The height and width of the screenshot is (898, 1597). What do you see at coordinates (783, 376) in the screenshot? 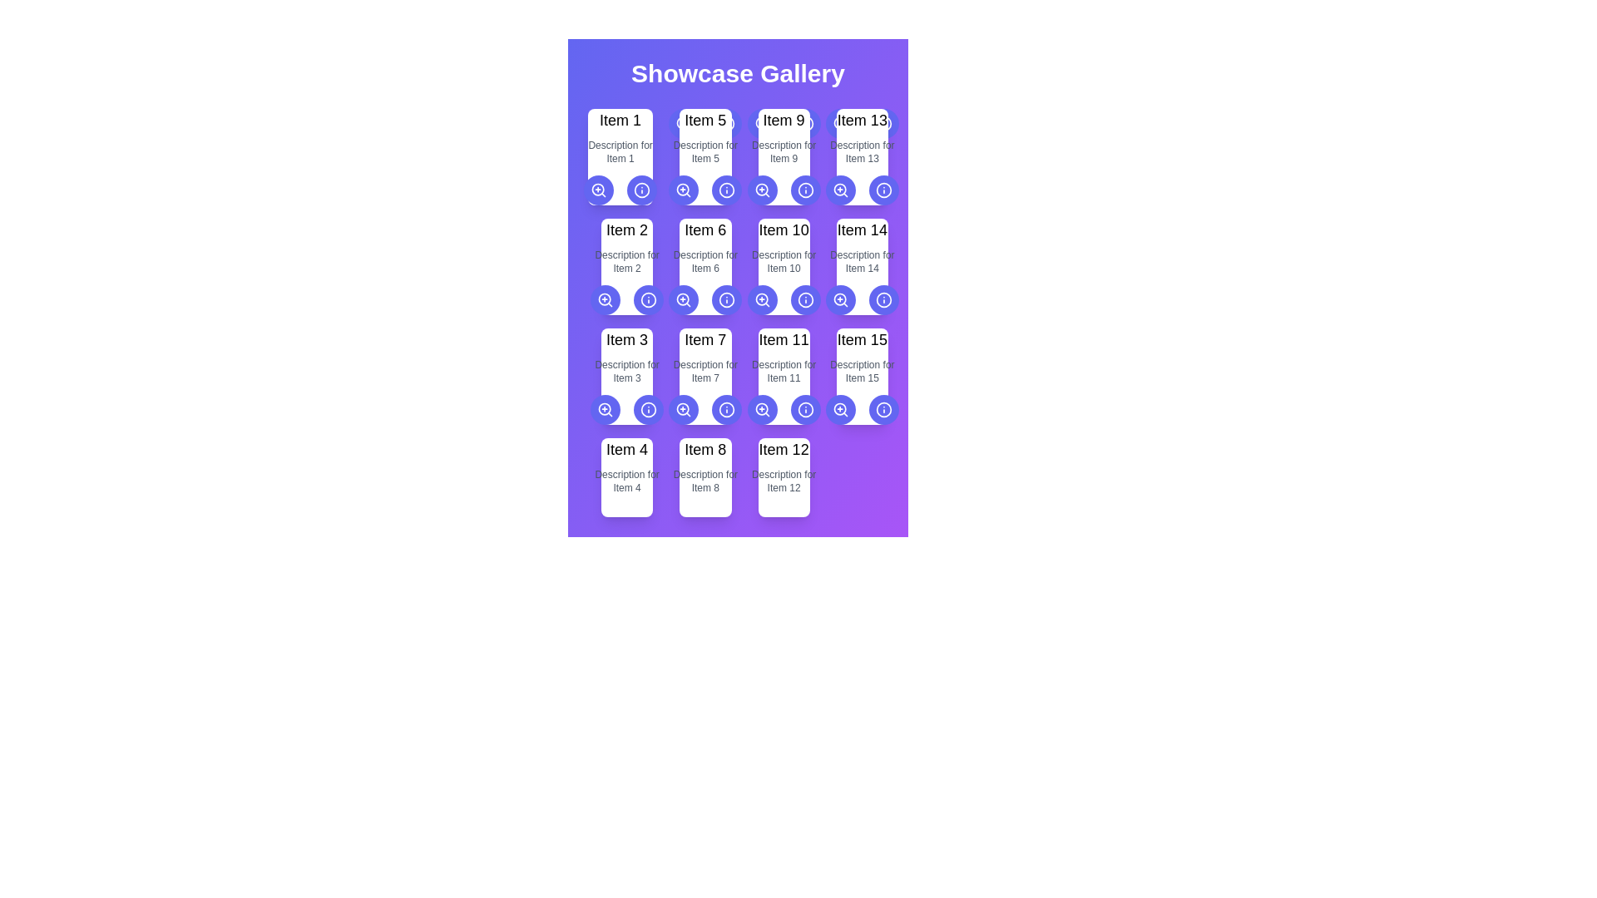
I see `information displayed in the text block that provides the title and description of 'Item 11', located in the third row and third column of the grid layout` at bounding box center [783, 376].